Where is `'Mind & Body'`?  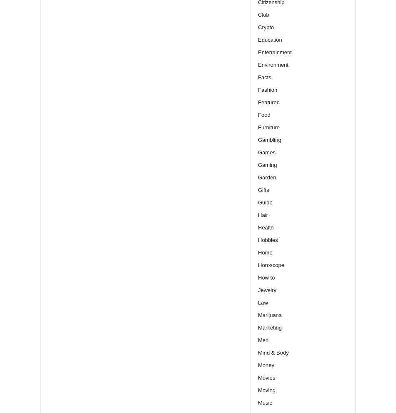
'Mind & Body' is located at coordinates (273, 352).